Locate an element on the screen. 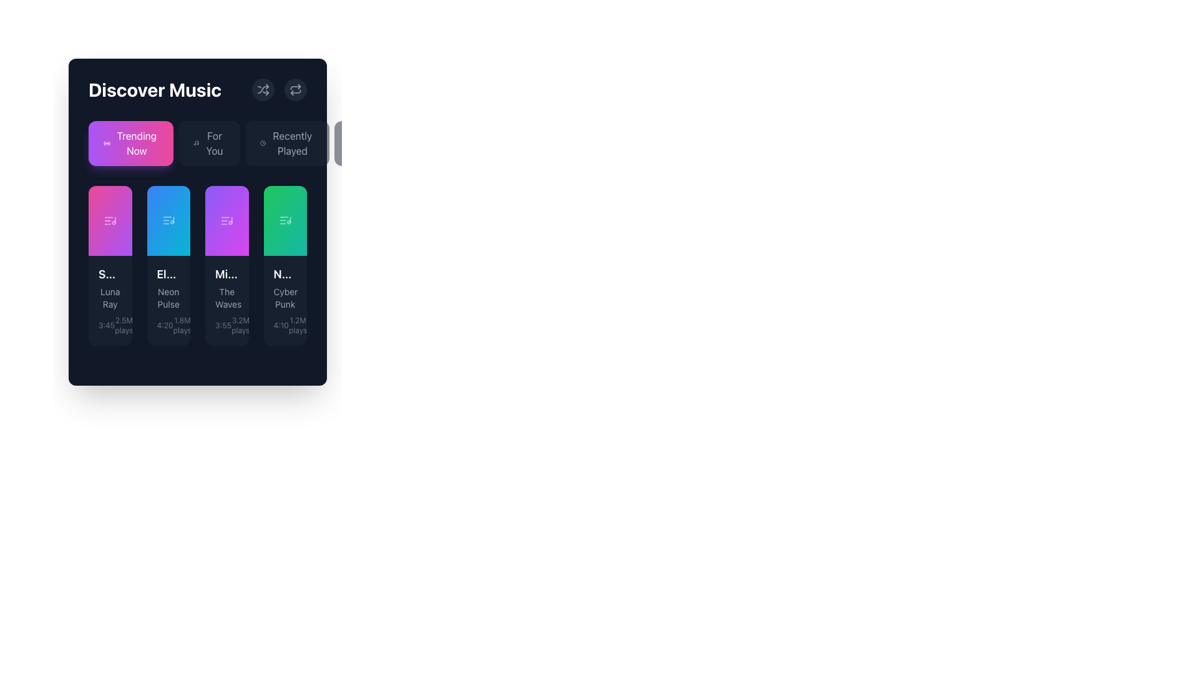 This screenshot has width=1198, height=674. the Static Text displaying '3:45' in light gray font located in the 'Trending Now' section of the 'Discover Music' interface, specifically in the lower-left card labeled 'S... Luna Ray' is located at coordinates (107, 325).